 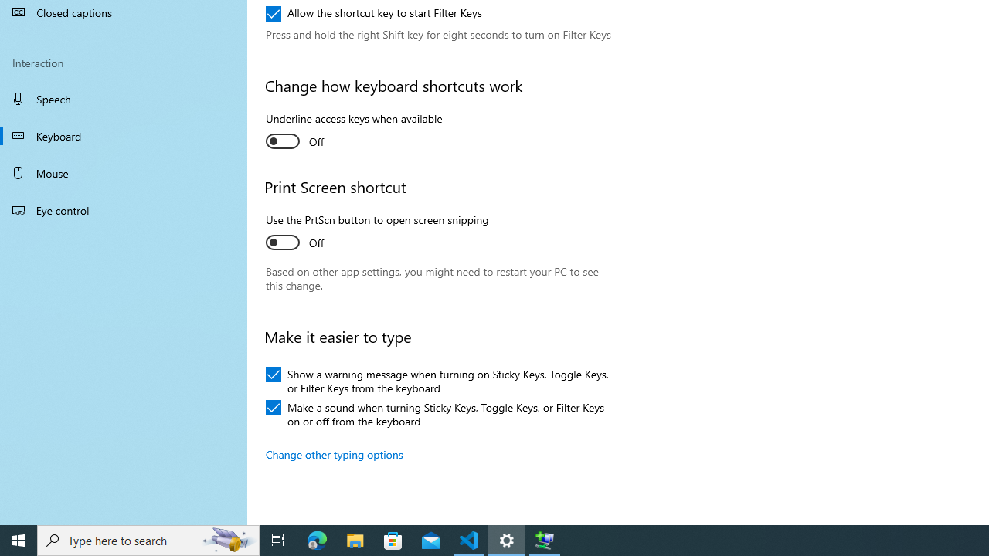 What do you see at coordinates (317, 539) in the screenshot?
I see `'Microsoft Edge'` at bounding box center [317, 539].